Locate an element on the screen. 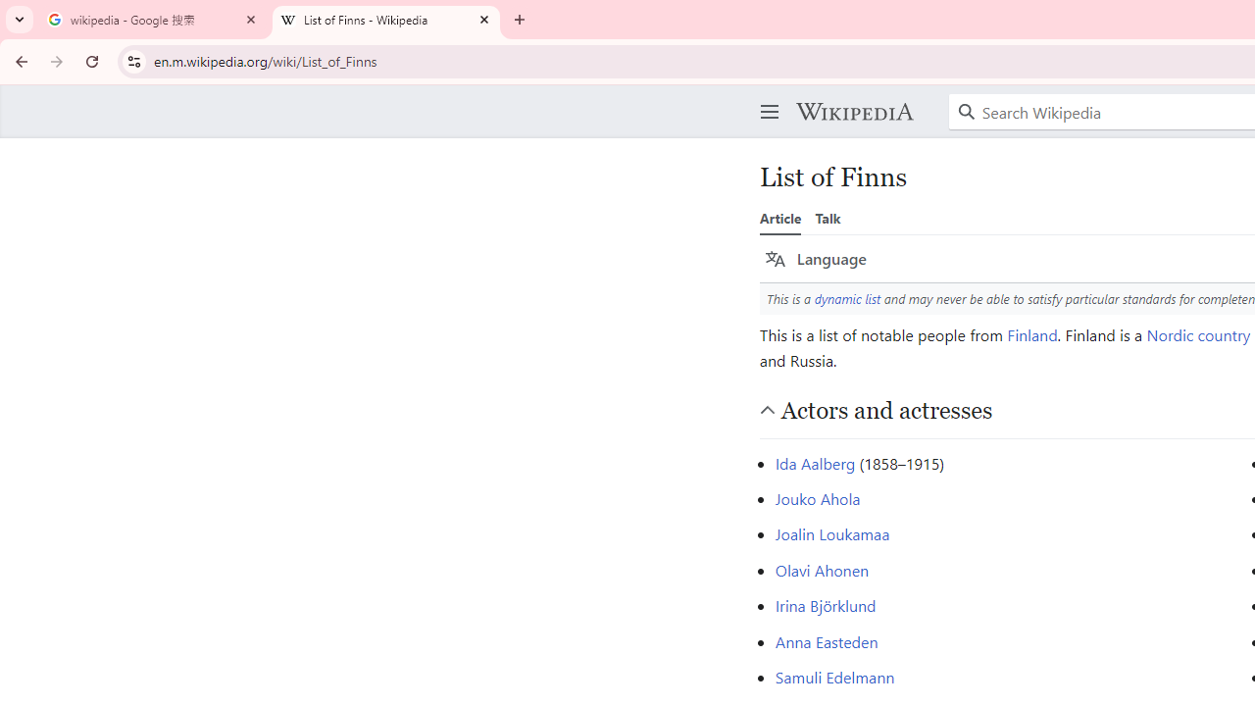 Image resolution: width=1255 pixels, height=706 pixels. 'Samuli Edelmann' is located at coordinates (834, 676).